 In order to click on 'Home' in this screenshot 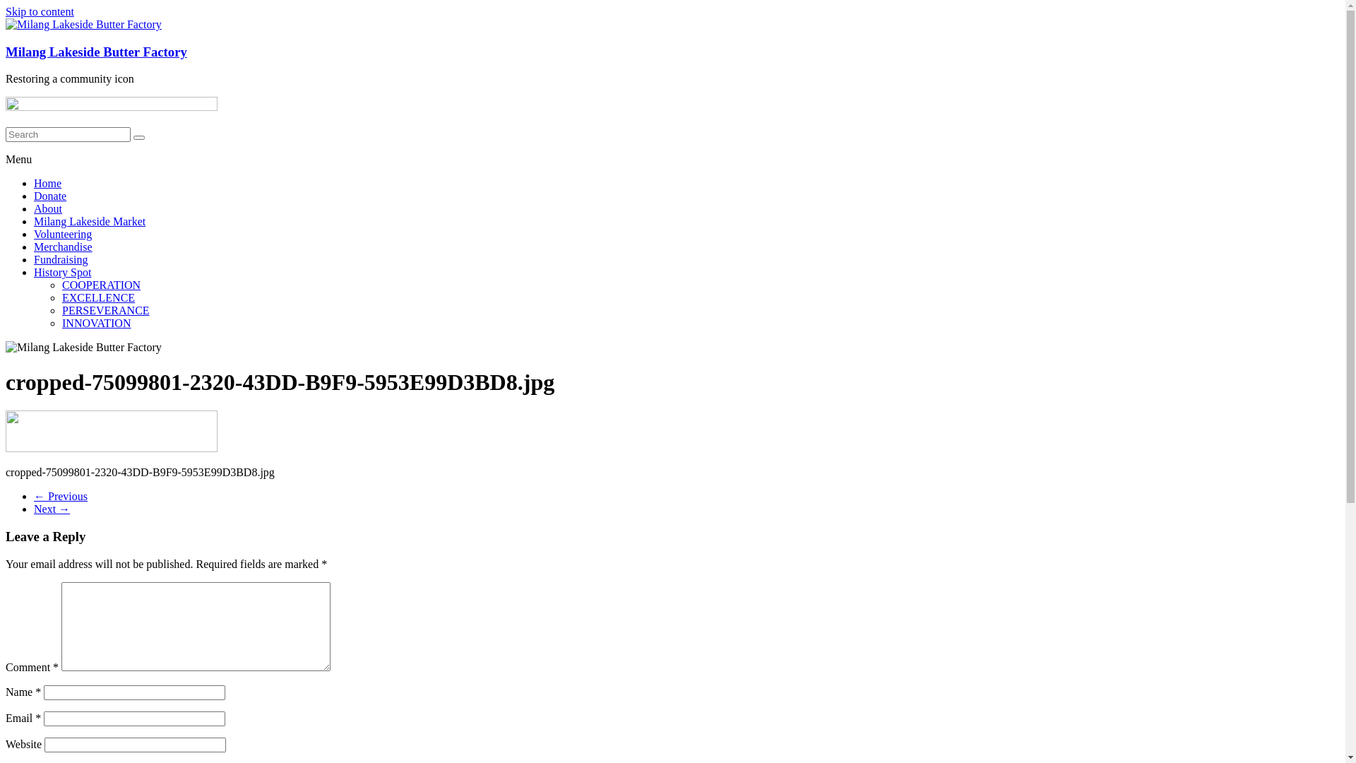, I will do `click(47, 182)`.